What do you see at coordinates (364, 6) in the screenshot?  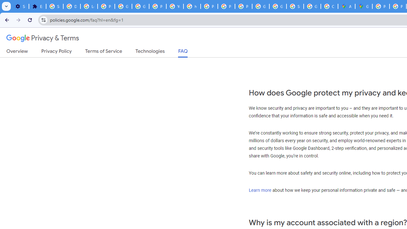 I see `'Google Maps'` at bounding box center [364, 6].